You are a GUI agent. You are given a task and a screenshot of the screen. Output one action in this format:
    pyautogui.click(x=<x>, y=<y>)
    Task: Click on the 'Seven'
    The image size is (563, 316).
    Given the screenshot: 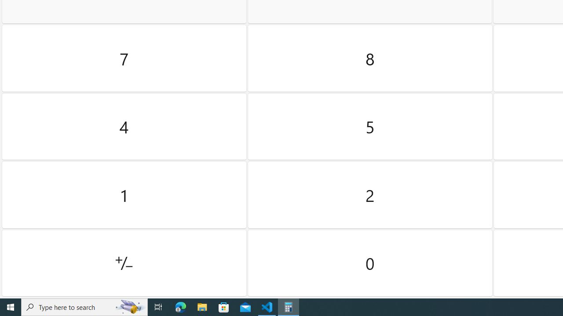 What is the action you would take?
    pyautogui.click(x=124, y=58)
    